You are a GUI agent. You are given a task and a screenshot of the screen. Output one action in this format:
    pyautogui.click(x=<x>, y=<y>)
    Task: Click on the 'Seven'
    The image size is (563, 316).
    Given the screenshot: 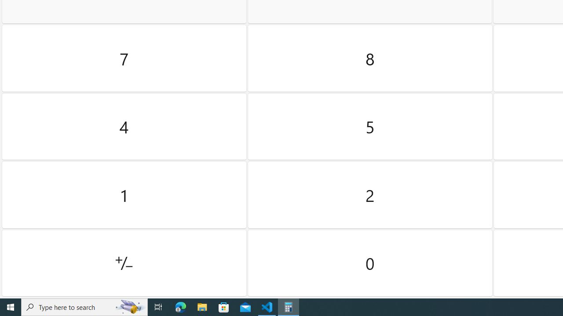 What is the action you would take?
    pyautogui.click(x=124, y=58)
    